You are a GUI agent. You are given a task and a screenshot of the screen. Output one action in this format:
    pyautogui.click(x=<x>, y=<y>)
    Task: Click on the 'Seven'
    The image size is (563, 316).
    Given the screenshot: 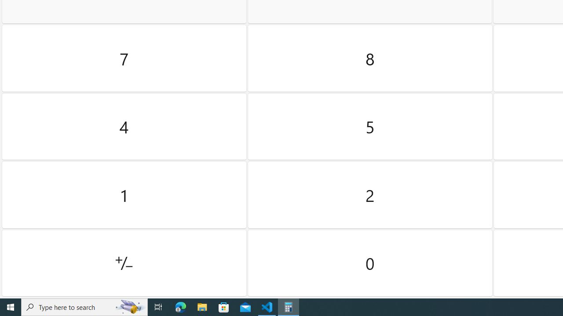 What is the action you would take?
    pyautogui.click(x=124, y=58)
    